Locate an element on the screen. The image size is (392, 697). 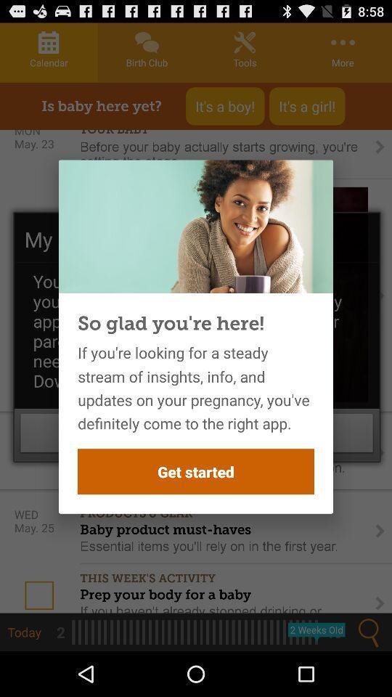
the item at the bottom is located at coordinates (196, 470).